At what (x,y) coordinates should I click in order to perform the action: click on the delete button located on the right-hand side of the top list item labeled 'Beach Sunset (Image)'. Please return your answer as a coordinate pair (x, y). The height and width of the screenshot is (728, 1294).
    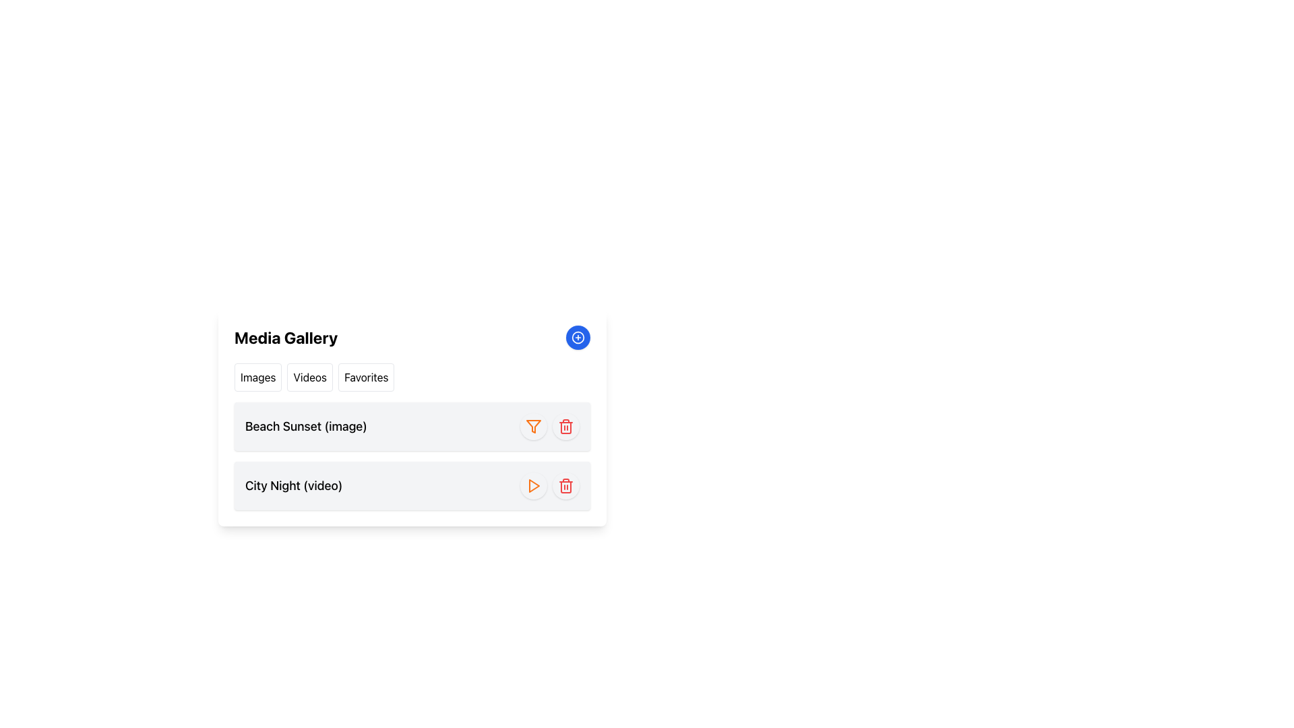
    Looking at the image, I should click on (566, 426).